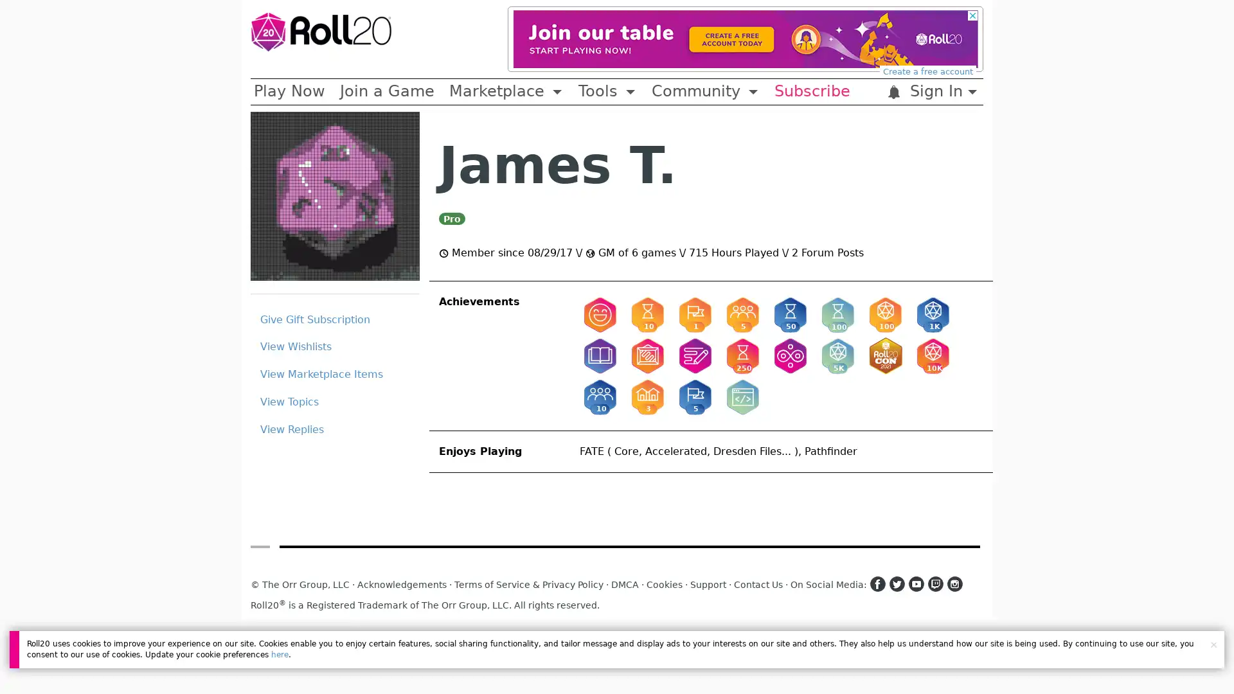  I want to click on Tools, so click(597, 91).